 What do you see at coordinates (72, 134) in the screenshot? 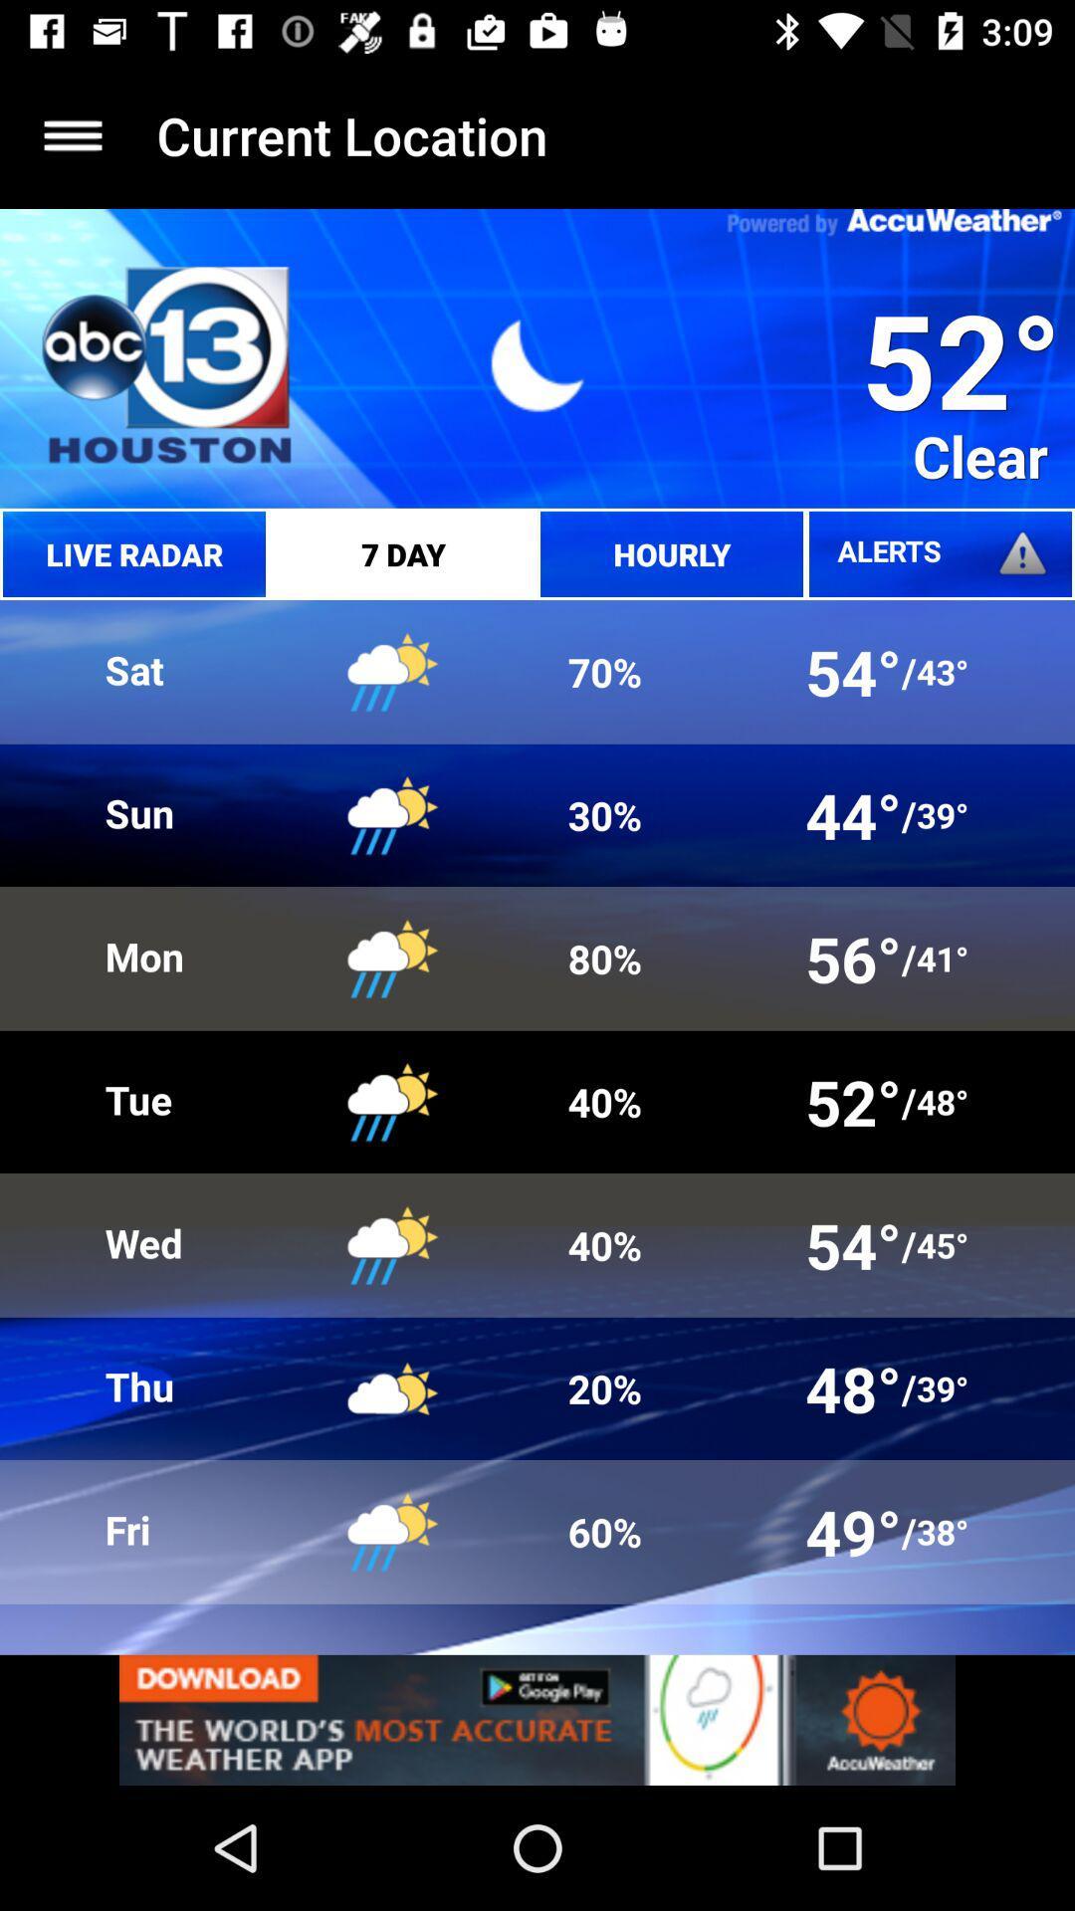
I see `the menu icon` at bounding box center [72, 134].